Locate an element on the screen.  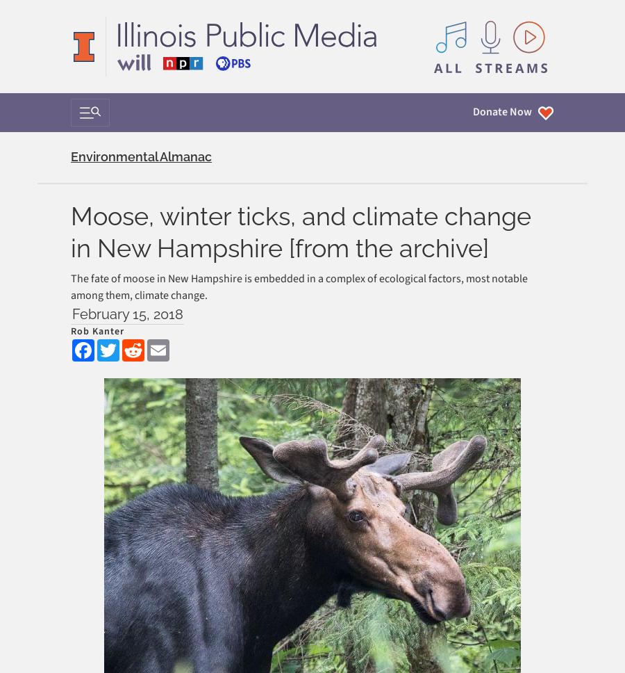
'Privacy Notice' is located at coordinates (99, 444).